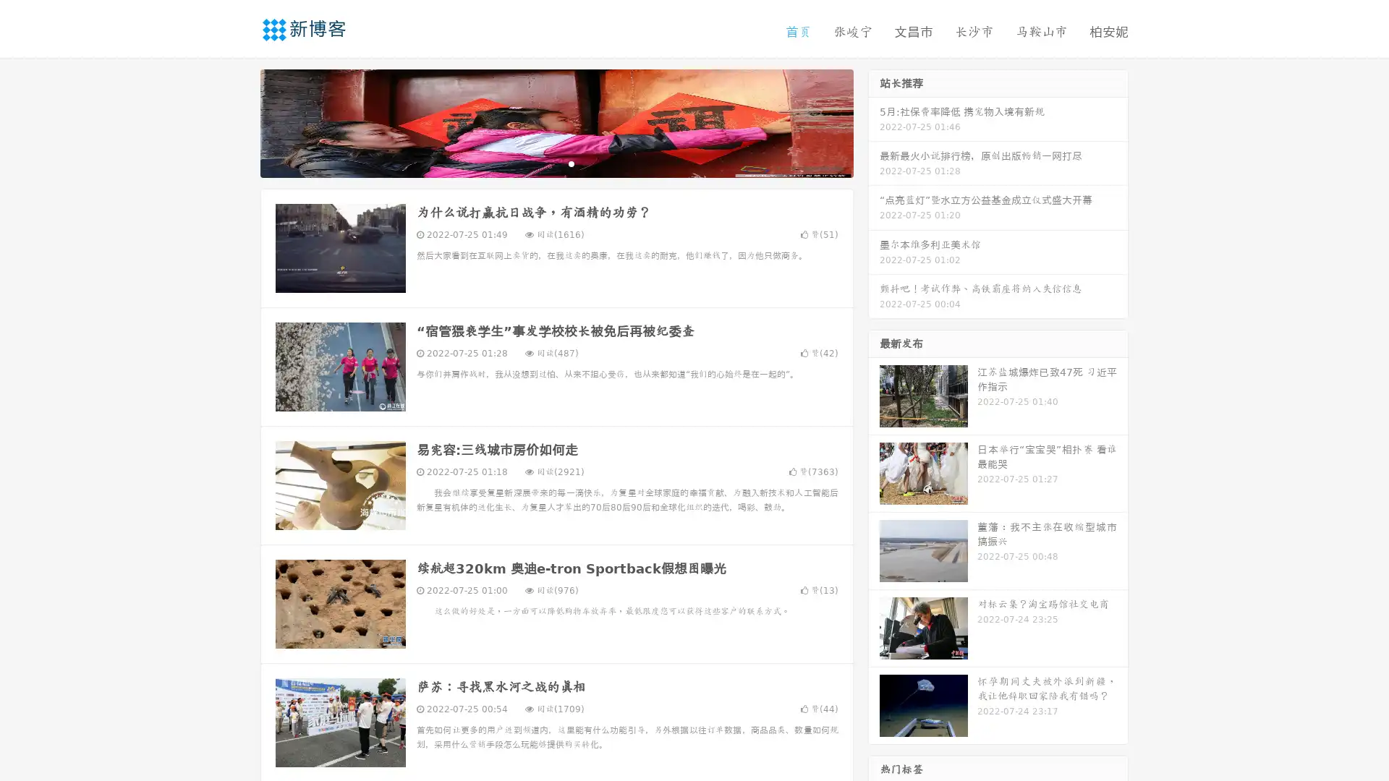 This screenshot has width=1389, height=781. What do you see at coordinates (541, 163) in the screenshot?
I see `Go to slide 1` at bounding box center [541, 163].